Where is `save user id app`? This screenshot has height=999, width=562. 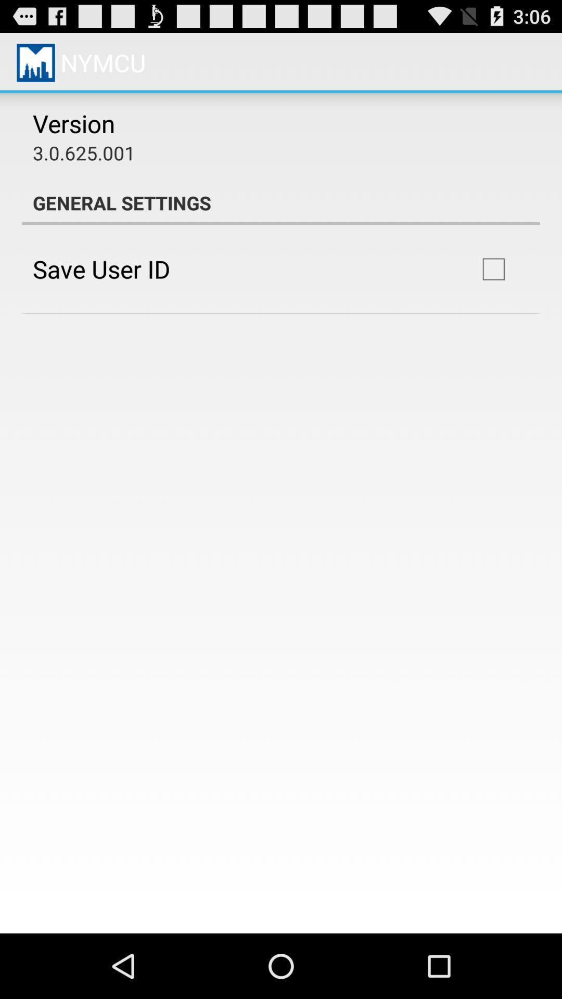
save user id app is located at coordinates (101, 269).